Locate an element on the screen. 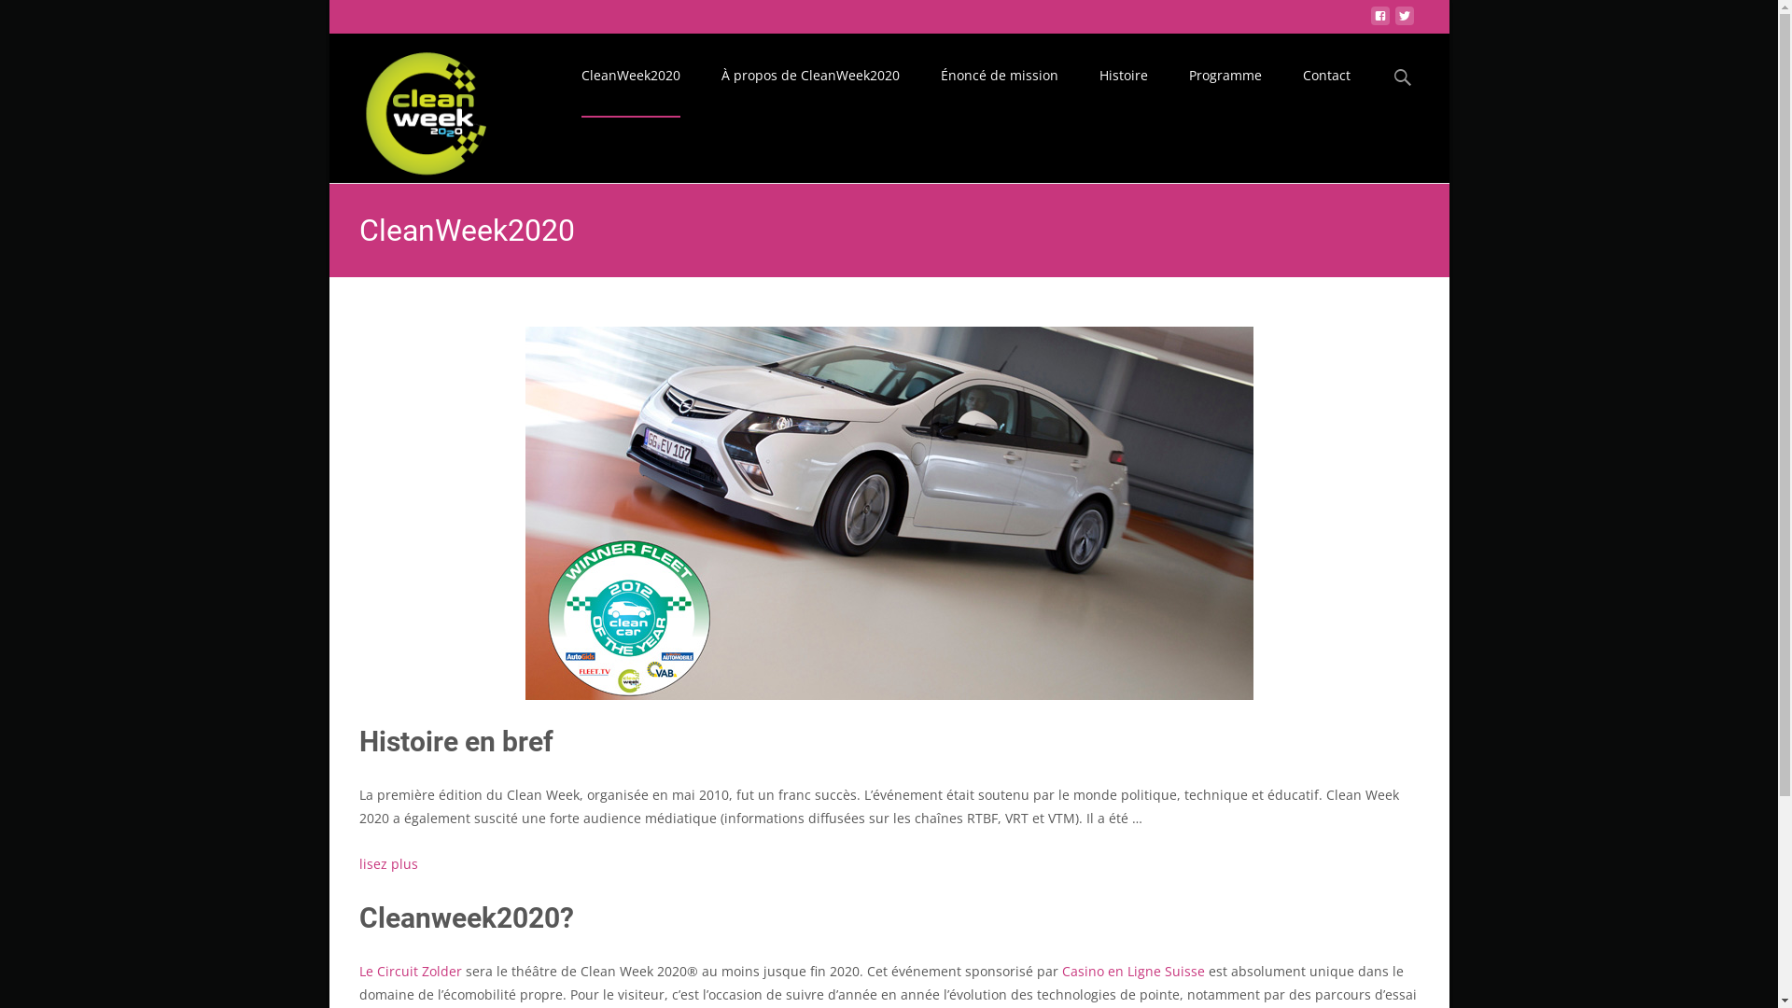  'Contact' is located at coordinates (1325, 75).